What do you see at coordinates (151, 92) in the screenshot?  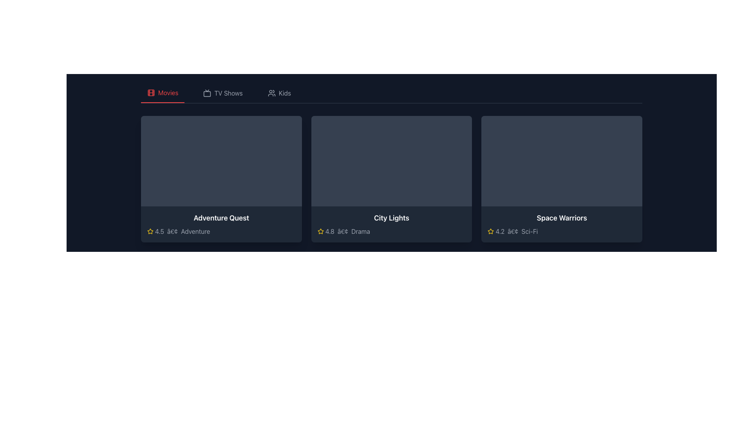 I see `the active film reel icon located to the left of the 'Movies' label in the top navigation bar` at bounding box center [151, 92].